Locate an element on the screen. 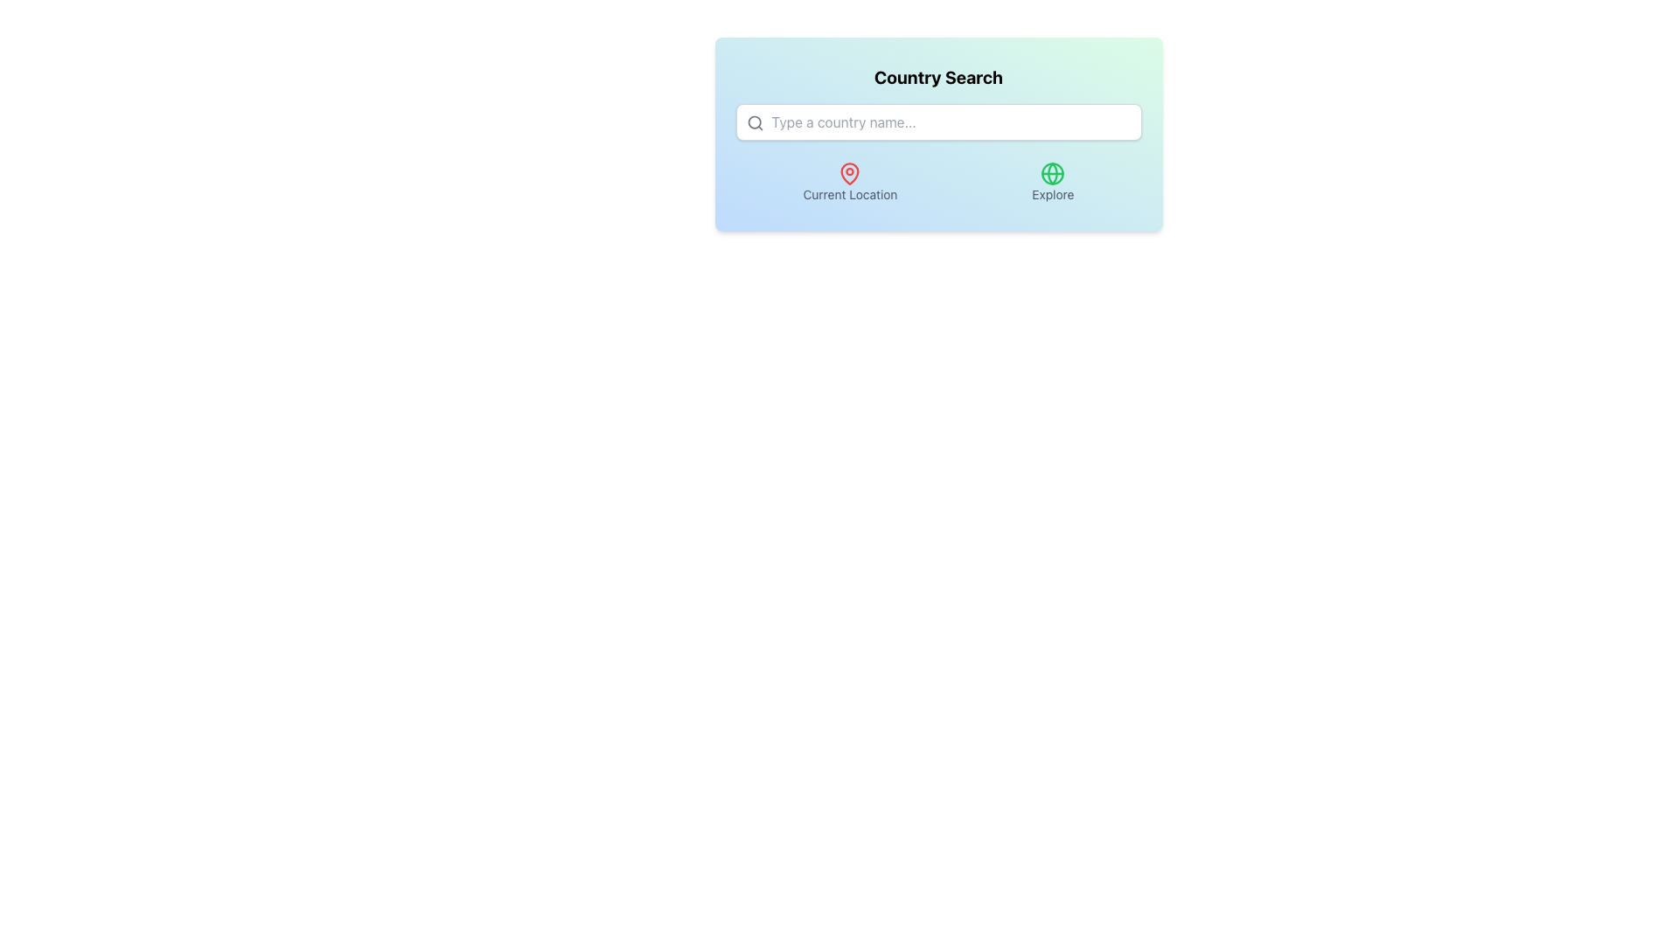  the 'Current Location' text label, which is styled with a small font size and gray color, located beneath the map pin icon is located at coordinates (850, 195).